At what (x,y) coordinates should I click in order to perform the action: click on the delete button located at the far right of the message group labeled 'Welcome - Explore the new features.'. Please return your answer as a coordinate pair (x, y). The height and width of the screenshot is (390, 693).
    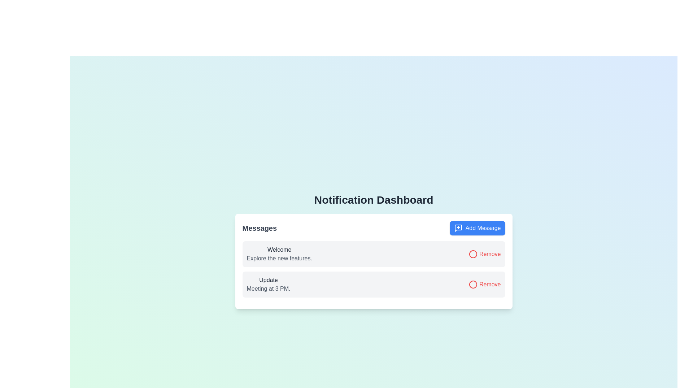
    Looking at the image, I should click on (485, 253).